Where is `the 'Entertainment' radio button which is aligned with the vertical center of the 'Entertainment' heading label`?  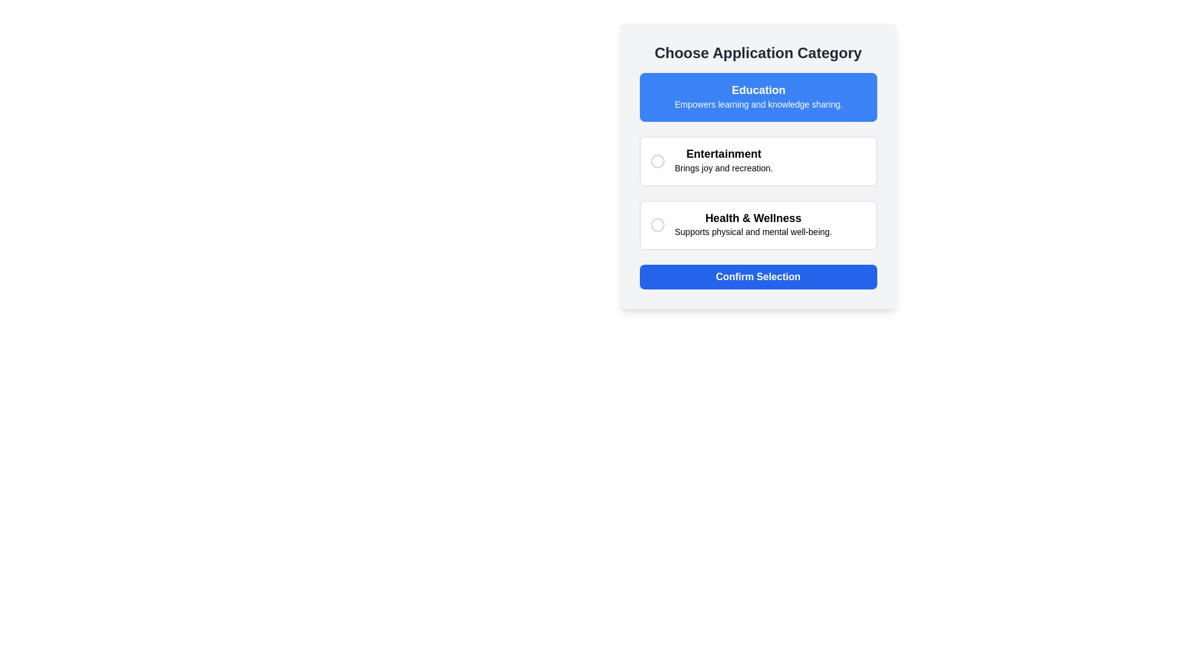 the 'Entertainment' radio button which is aligned with the vertical center of the 'Entertainment' heading label is located at coordinates (657, 160).